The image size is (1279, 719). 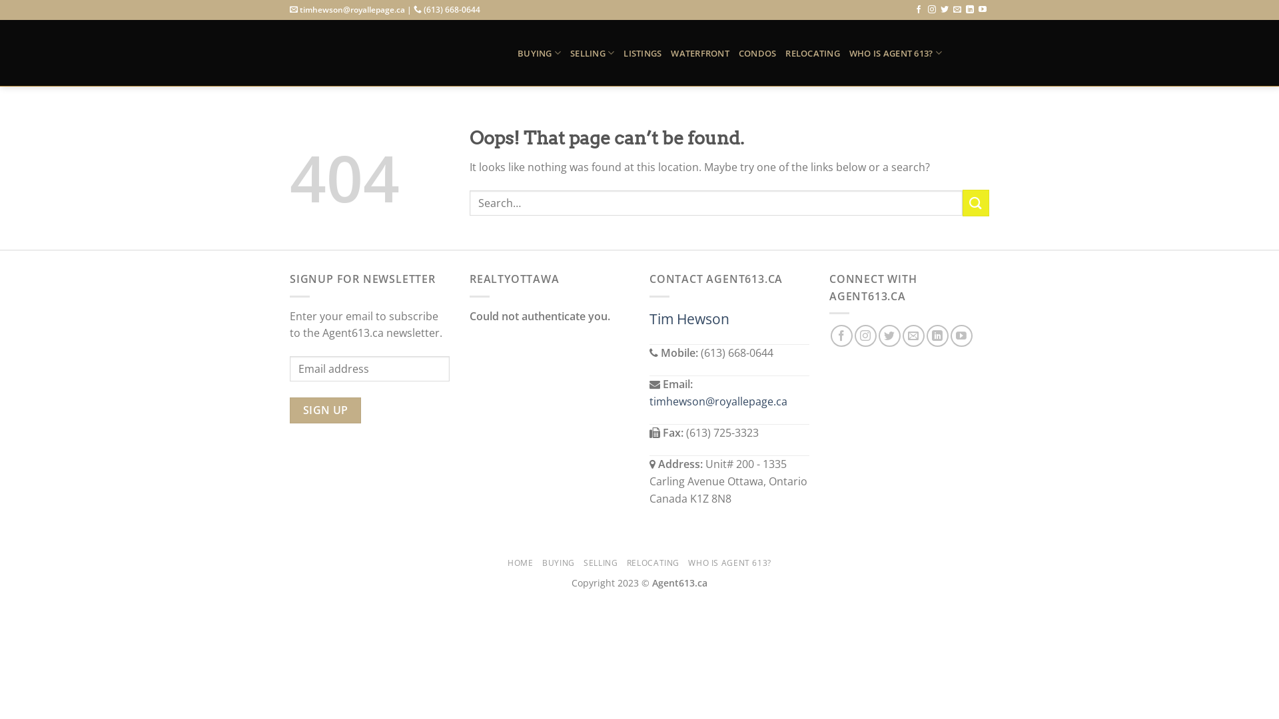 I want to click on 'Sign up', so click(x=325, y=409).